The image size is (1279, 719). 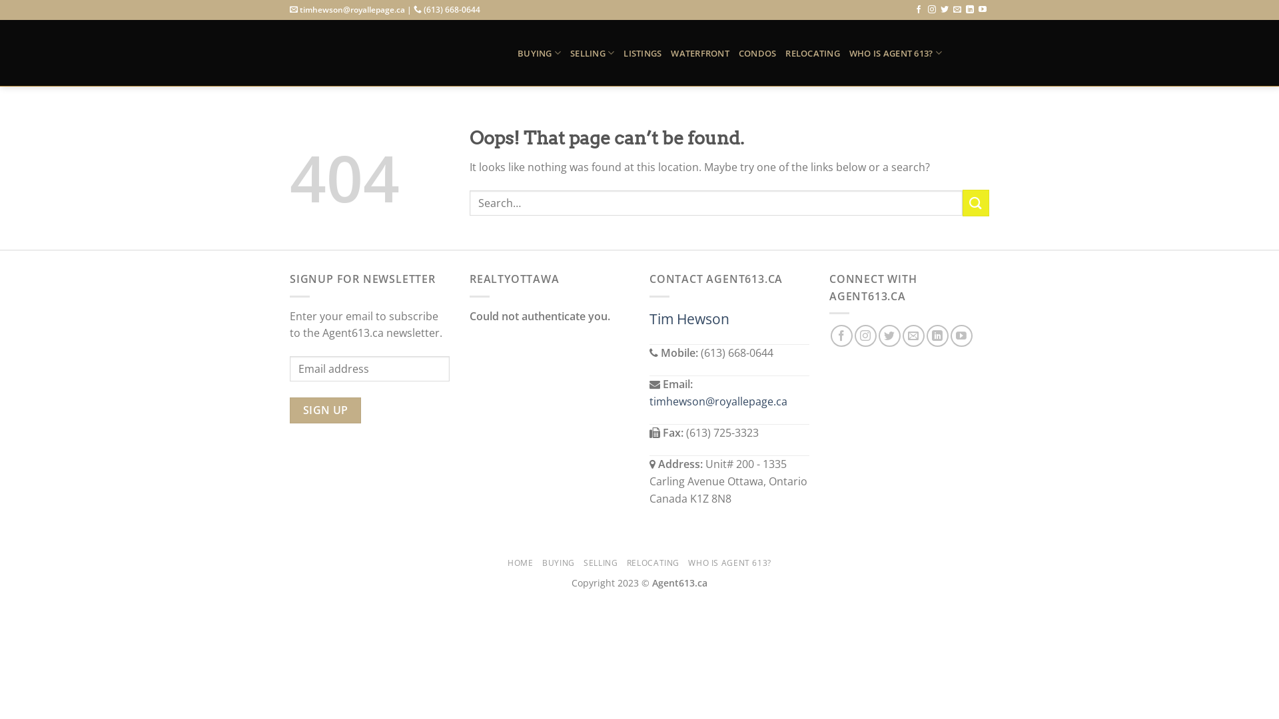 I want to click on 'Sign up', so click(x=325, y=409).